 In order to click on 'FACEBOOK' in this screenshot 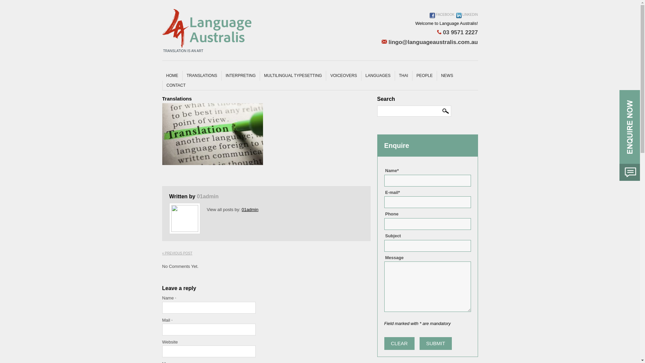, I will do `click(429, 17)`.